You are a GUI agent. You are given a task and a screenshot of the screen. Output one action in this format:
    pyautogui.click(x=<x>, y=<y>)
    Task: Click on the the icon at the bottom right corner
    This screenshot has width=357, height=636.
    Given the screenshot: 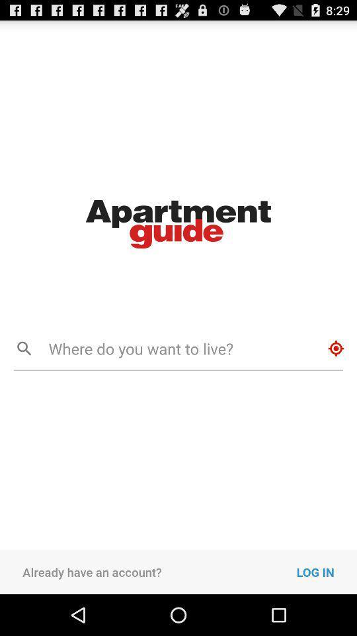 What is the action you would take?
    pyautogui.click(x=326, y=571)
    